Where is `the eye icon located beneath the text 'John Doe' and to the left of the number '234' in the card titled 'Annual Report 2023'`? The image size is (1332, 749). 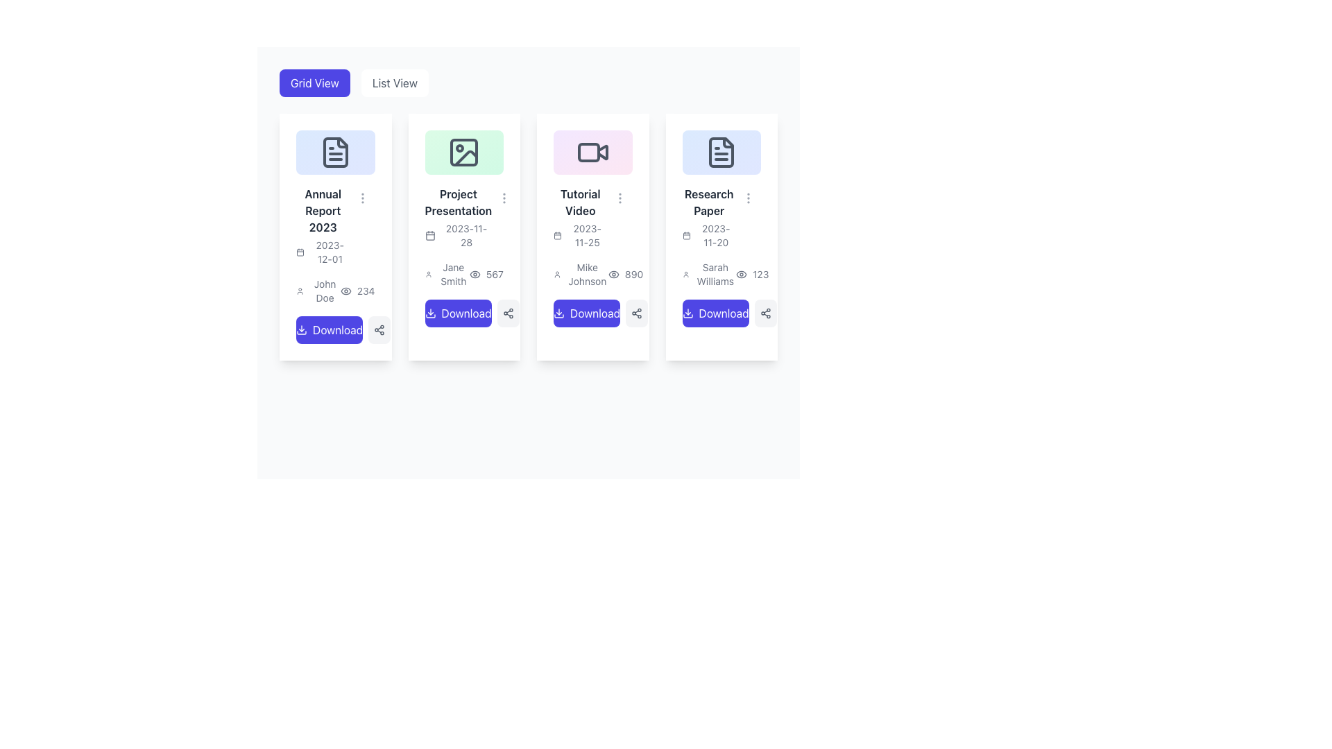 the eye icon located beneath the text 'John Doe' and to the left of the number '234' in the card titled 'Annual Report 2023' is located at coordinates (345, 290).